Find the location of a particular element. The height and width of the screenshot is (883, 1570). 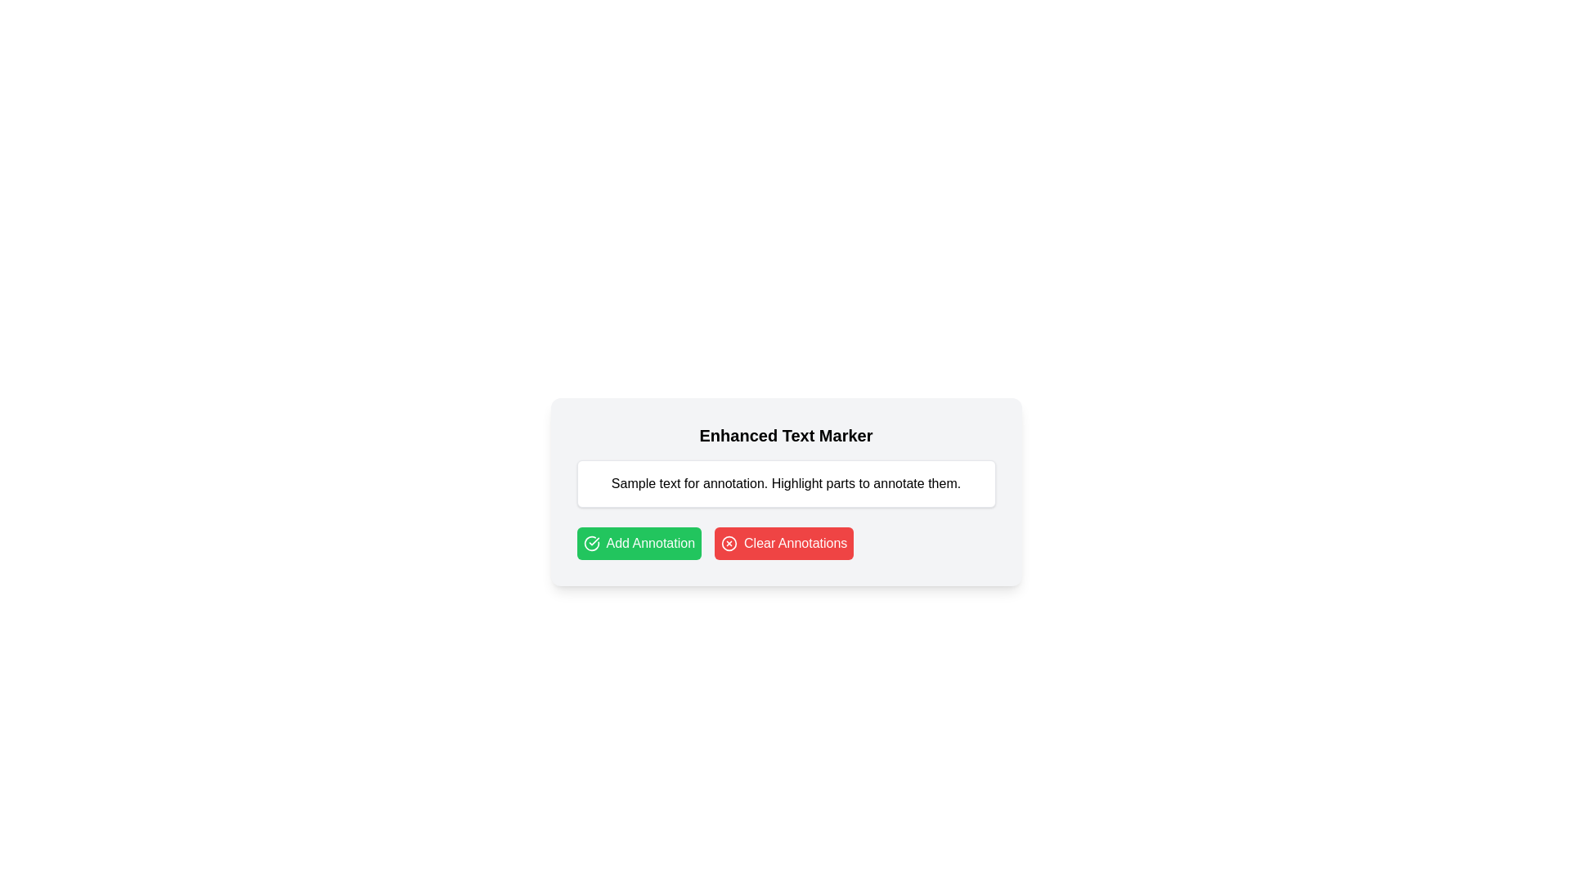

the lowercase 'i' character in the word 'annotation' within the text block that contains the sentence 'Sample text for annotation. Highlight parts to annotate them.' is located at coordinates (747, 482).